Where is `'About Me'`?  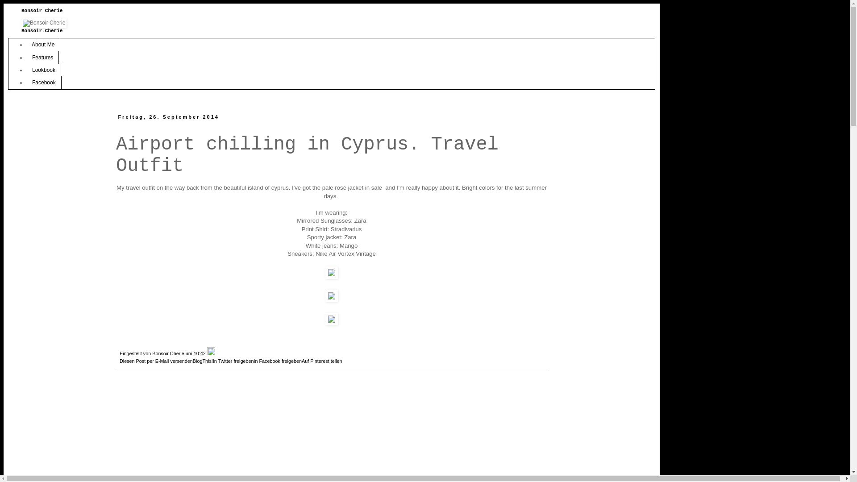 'About Me' is located at coordinates (26, 45).